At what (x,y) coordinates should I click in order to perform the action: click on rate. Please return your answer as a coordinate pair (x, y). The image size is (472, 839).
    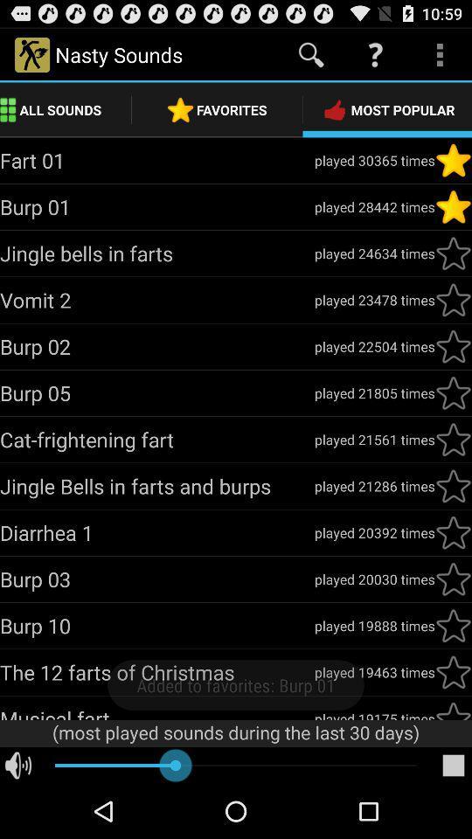
    Looking at the image, I should click on (453, 626).